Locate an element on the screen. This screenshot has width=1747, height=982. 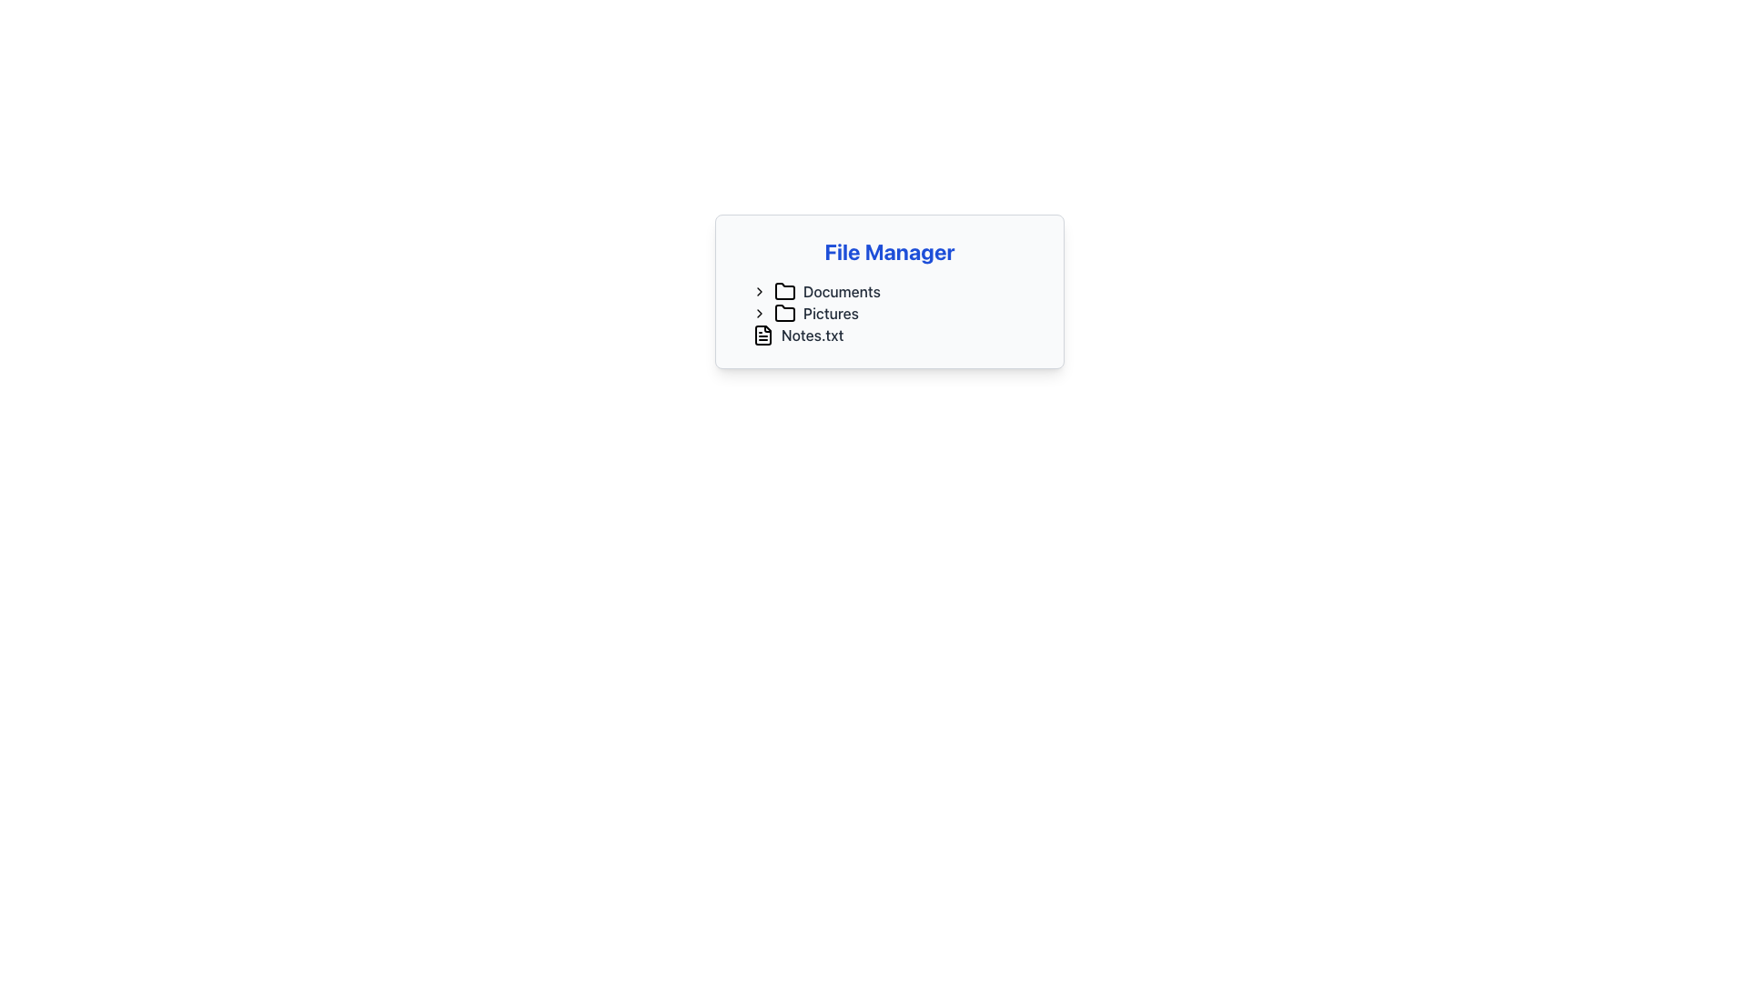
the folder icon, which is a black rectangular design located in the second row of icons is located at coordinates (785, 311).